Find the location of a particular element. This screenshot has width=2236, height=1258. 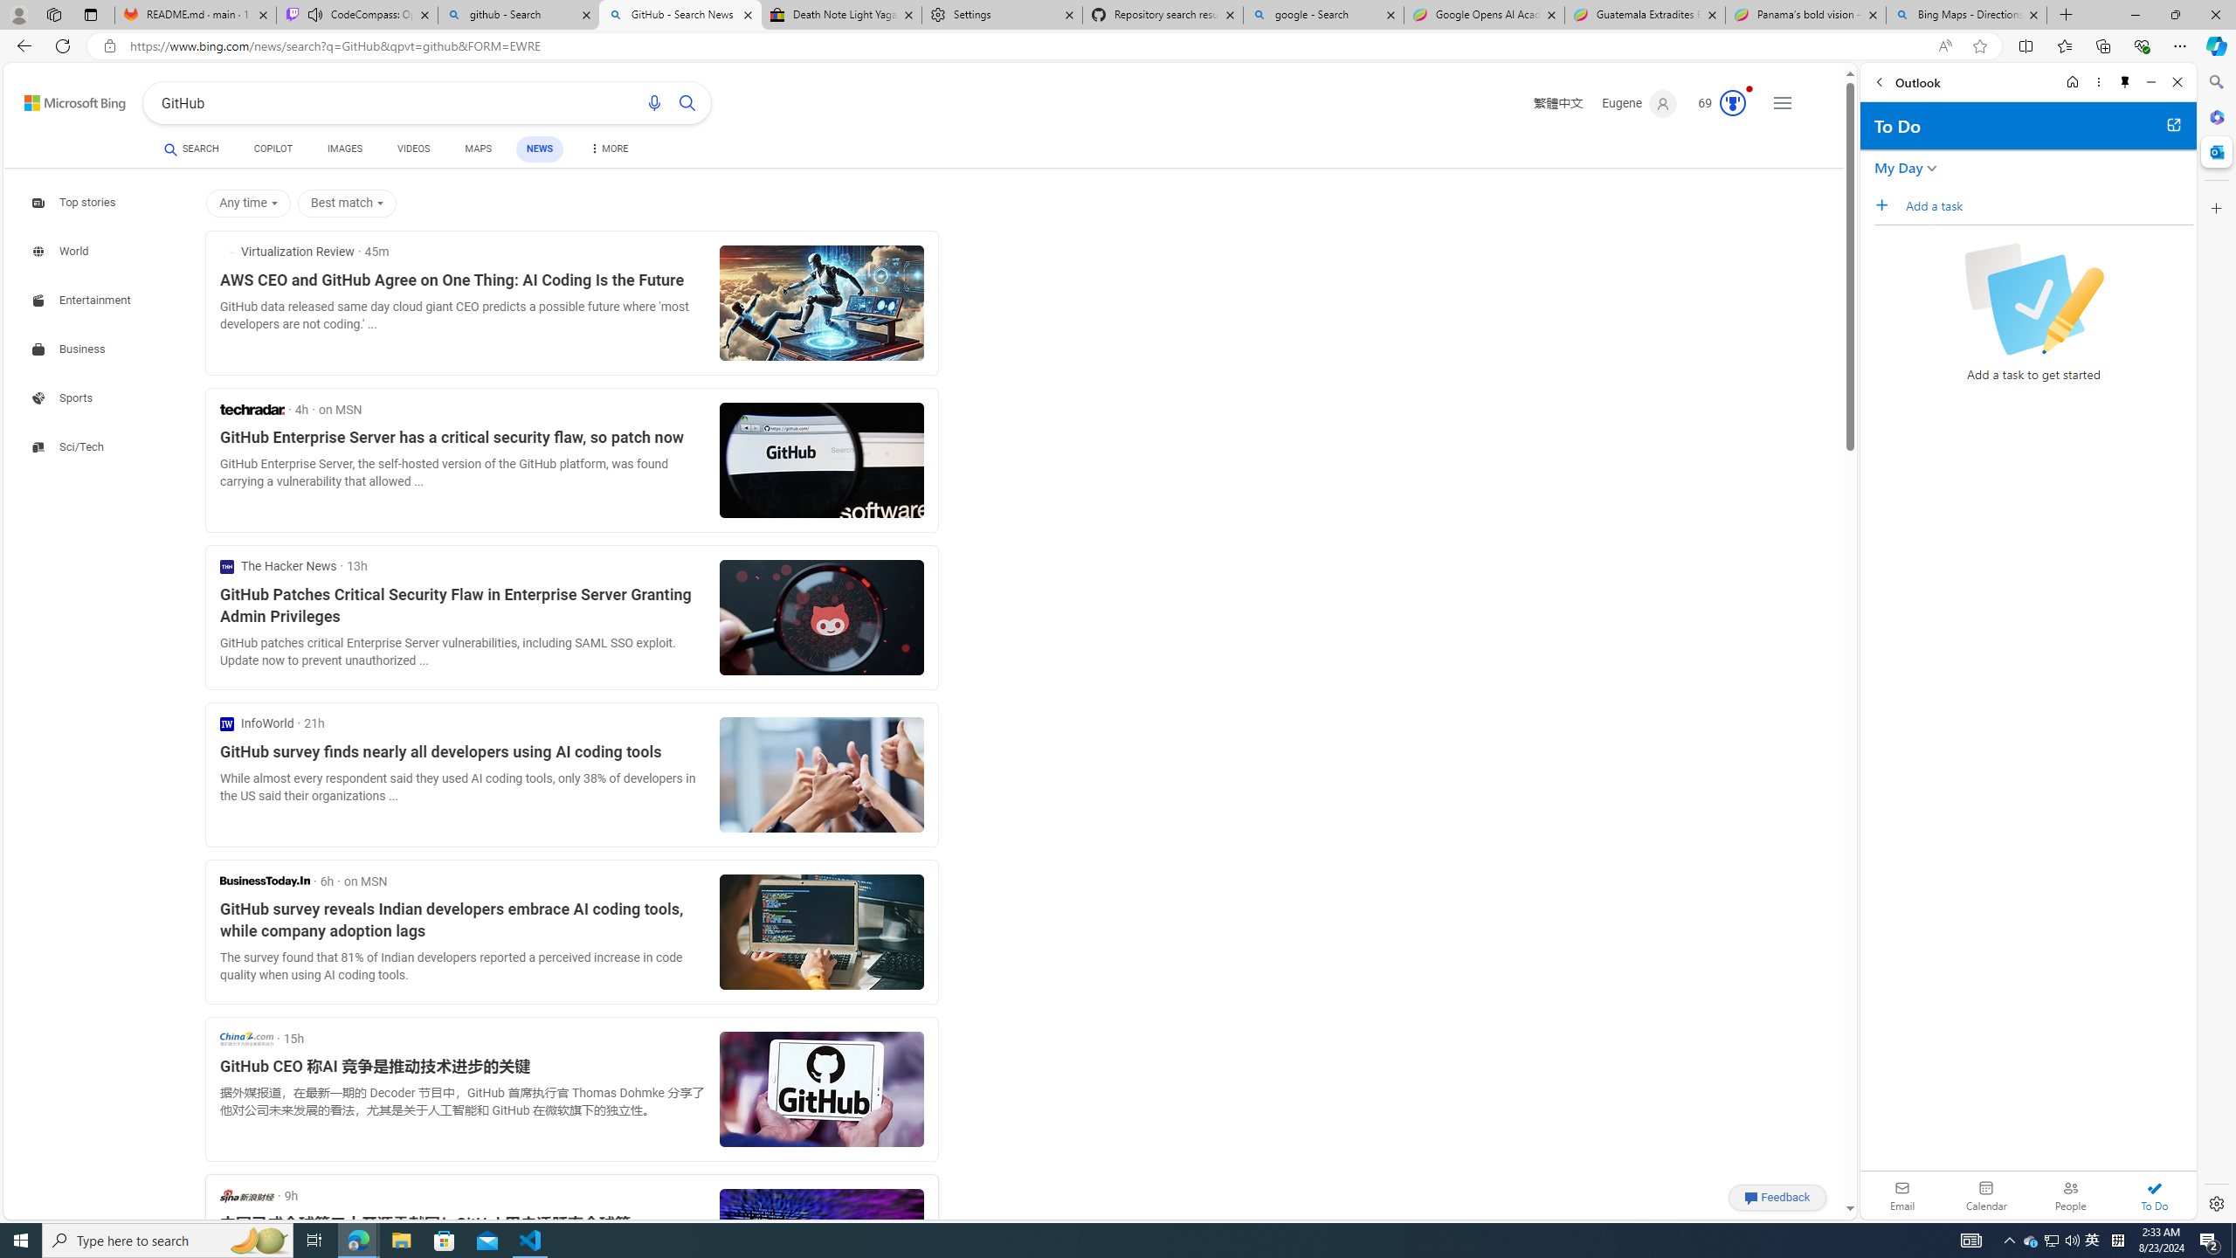

'NEWS' is located at coordinates (537, 148).